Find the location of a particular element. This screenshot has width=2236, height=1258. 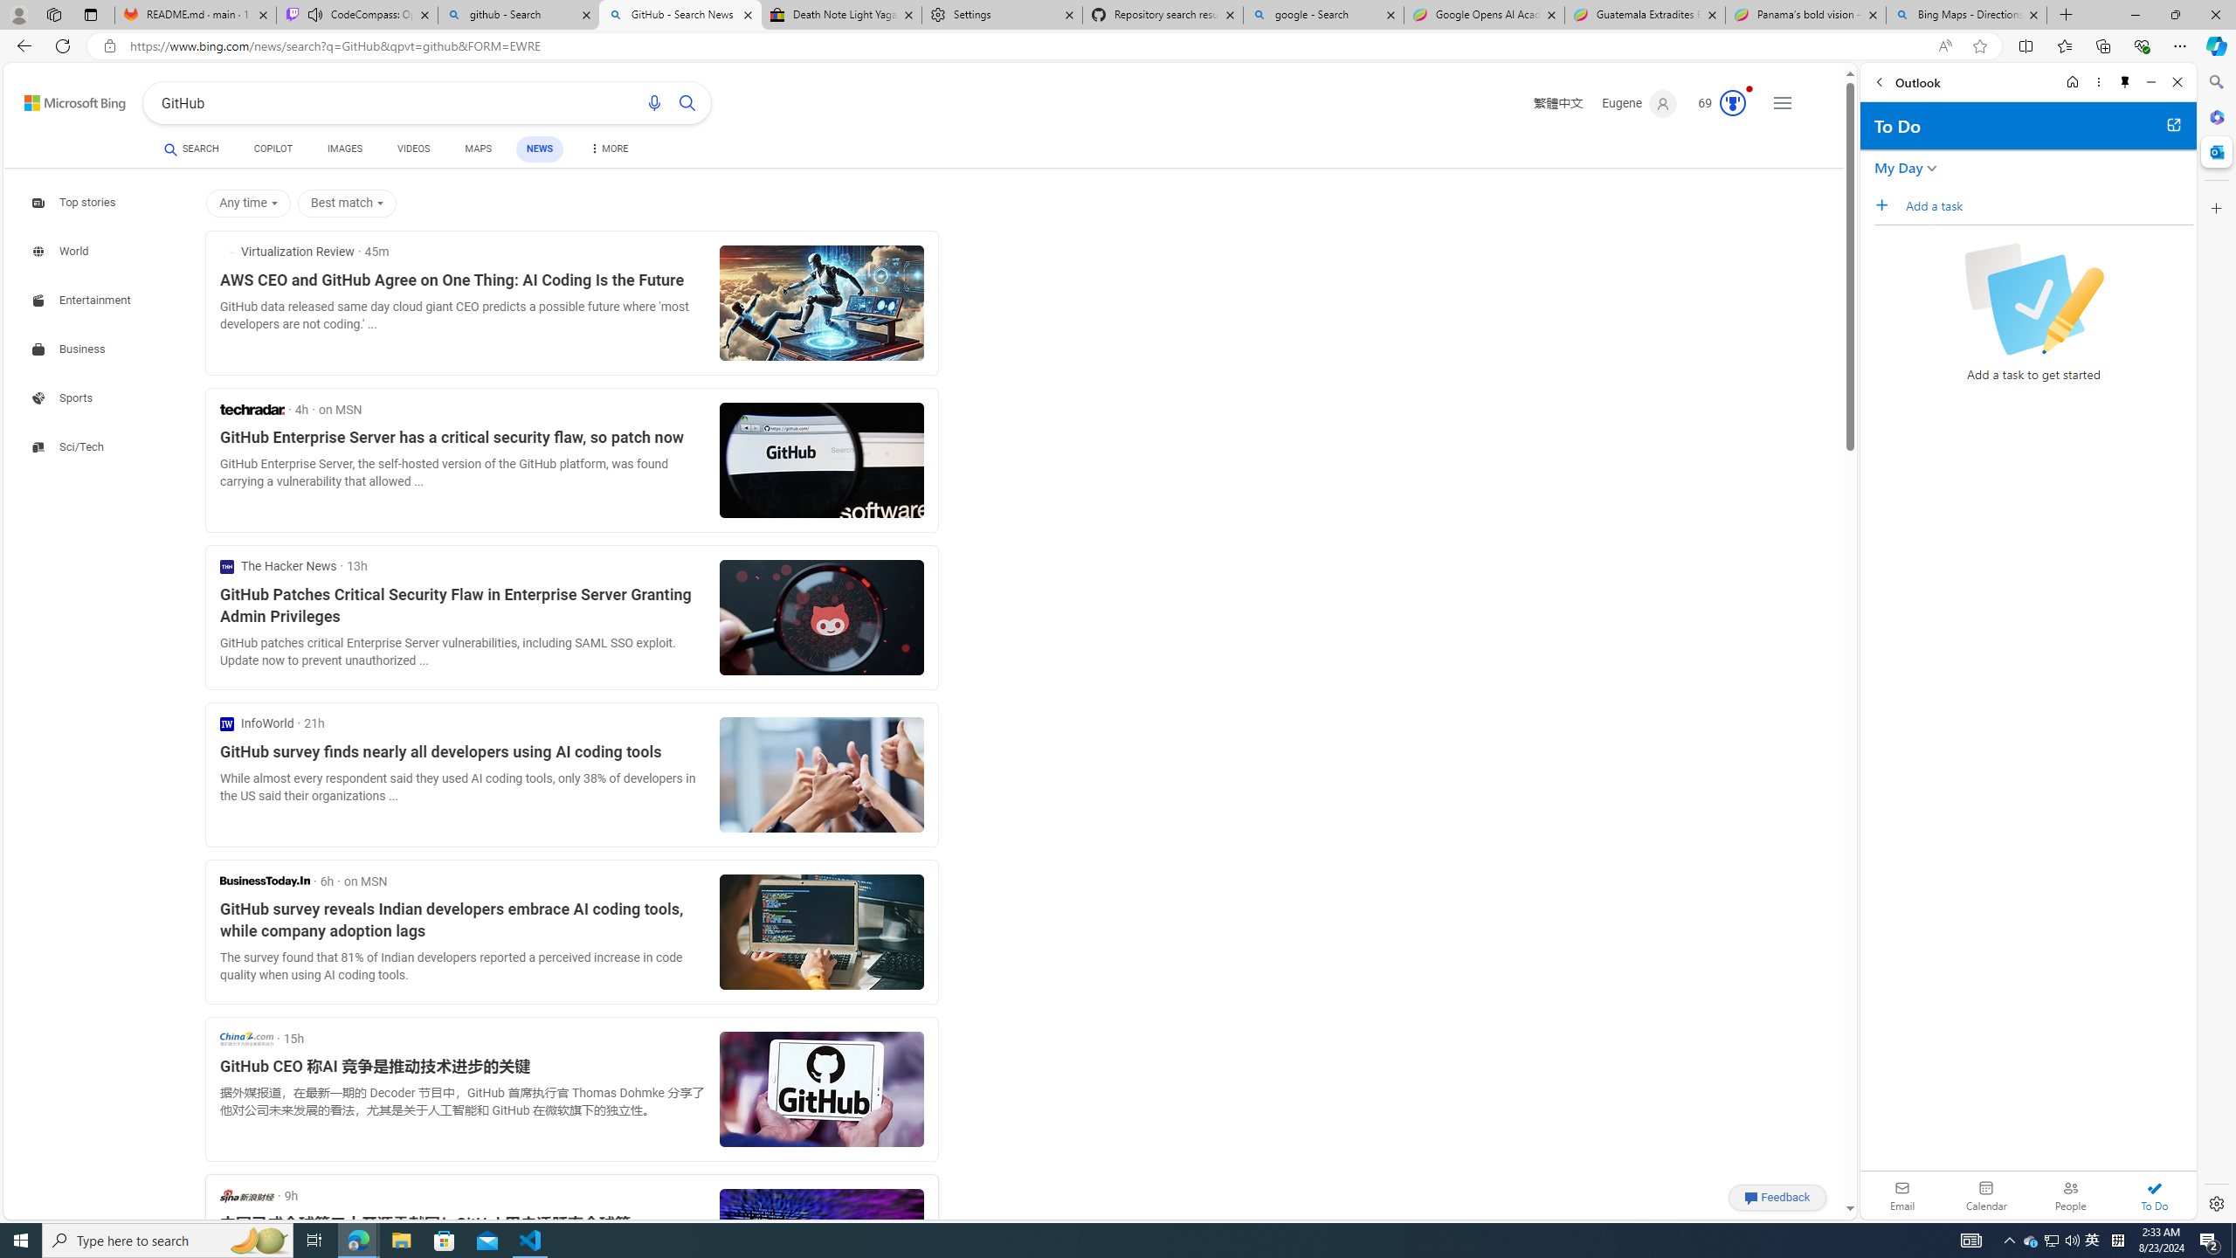

'NEWS' is located at coordinates (537, 148).